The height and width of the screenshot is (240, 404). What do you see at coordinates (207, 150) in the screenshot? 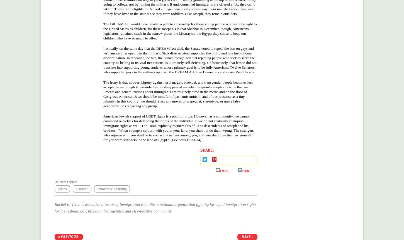
I see `'Share:'` at bounding box center [207, 150].